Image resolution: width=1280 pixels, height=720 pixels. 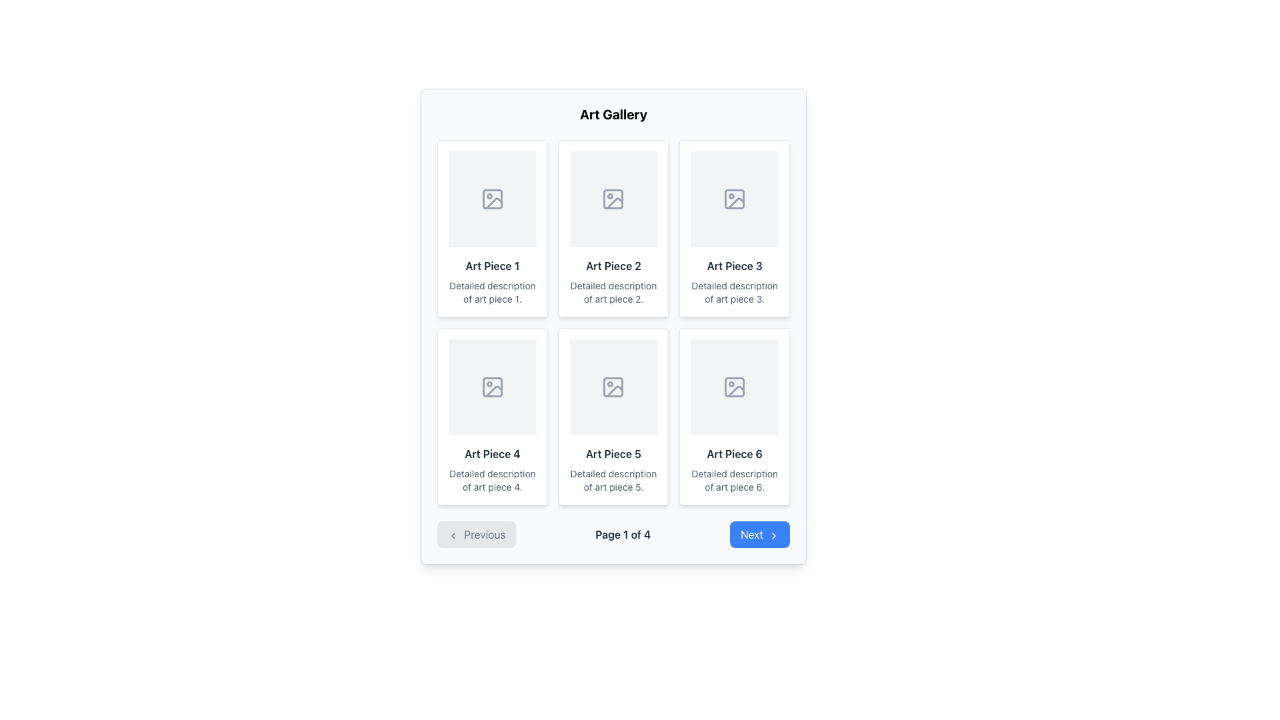 What do you see at coordinates (734, 199) in the screenshot?
I see `the Image Placeholder with a light gray background and a gray image icon, located inside the card labeled 'Art Piece 3'` at bounding box center [734, 199].